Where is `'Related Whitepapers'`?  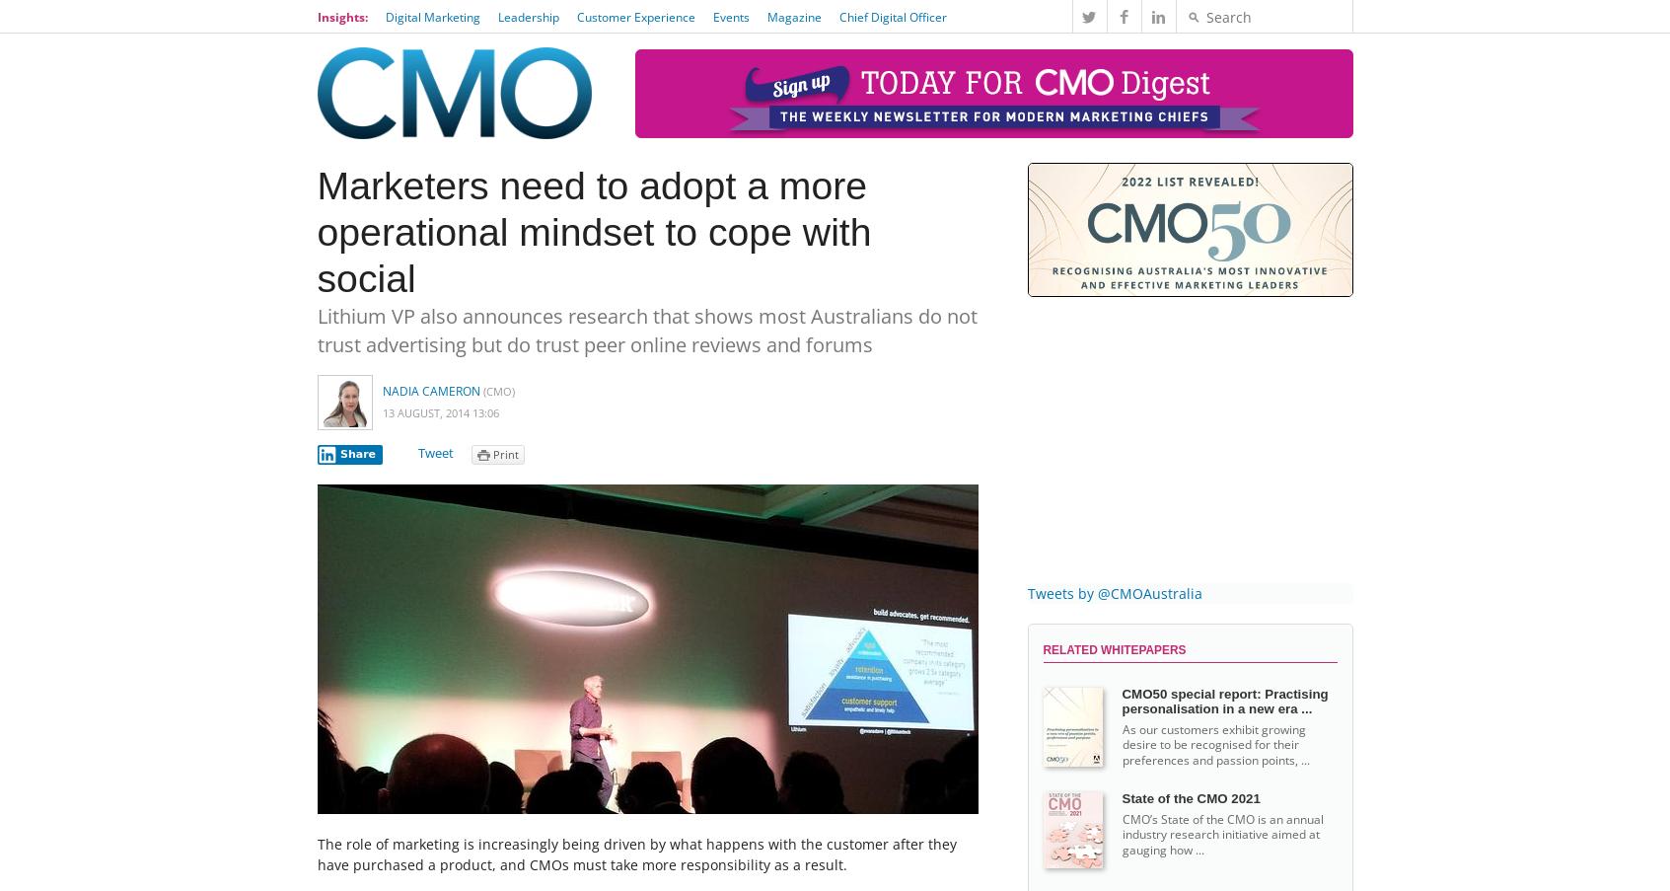 'Related Whitepapers' is located at coordinates (1114, 649).